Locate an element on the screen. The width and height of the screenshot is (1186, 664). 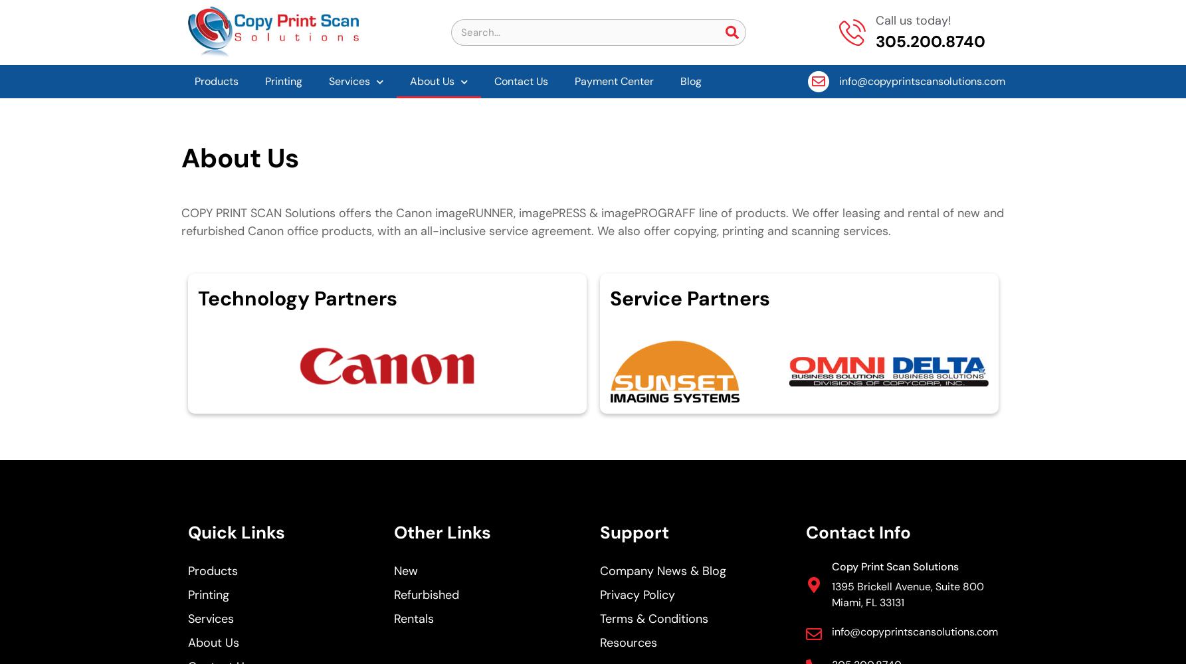
'Other Links' is located at coordinates (441, 533).